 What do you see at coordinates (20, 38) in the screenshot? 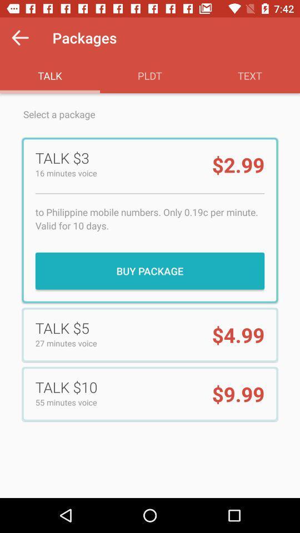
I see `the icon above the talk icon` at bounding box center [20, 38].